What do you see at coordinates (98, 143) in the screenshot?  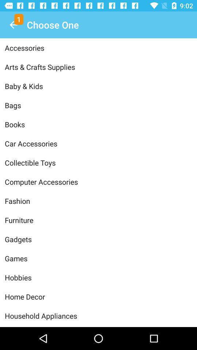 I see `the car accessories icon` at bounding box center [98, 143].